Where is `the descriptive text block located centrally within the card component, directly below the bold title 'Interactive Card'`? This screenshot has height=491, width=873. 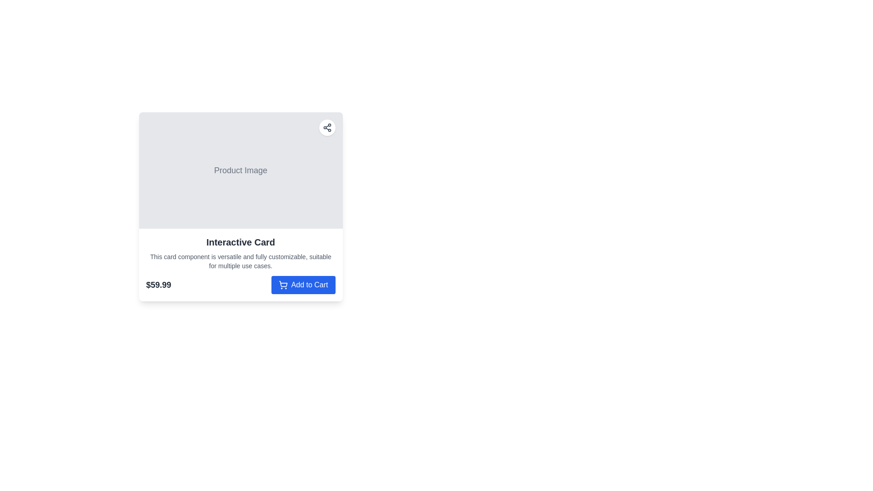 the descriptive text block located centrally within the card component, directly below the bold title 'Interactive Card' is located at coordinates (241, 261).